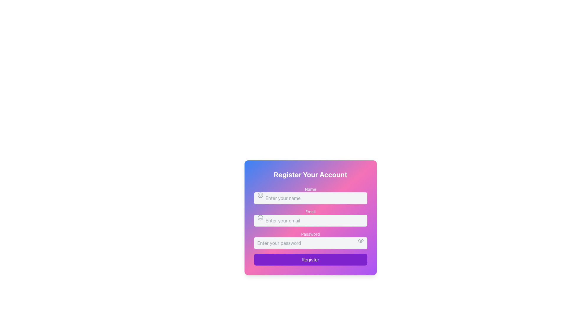 The image size is (567, 319). Describe the element at coordinates (310, 195) in the screenshot. I see `the text input field for entering the user's name, located directly beneath the 'Name' label in the registration form` at that location.